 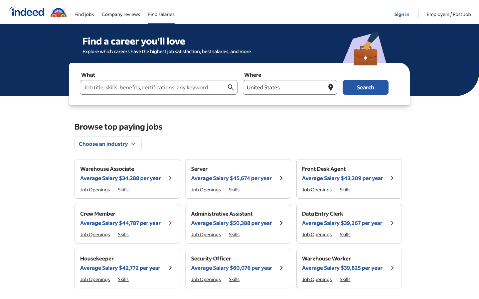 I want to click on Load more information on "Warehouse Worker, so click(x=342, y=263).